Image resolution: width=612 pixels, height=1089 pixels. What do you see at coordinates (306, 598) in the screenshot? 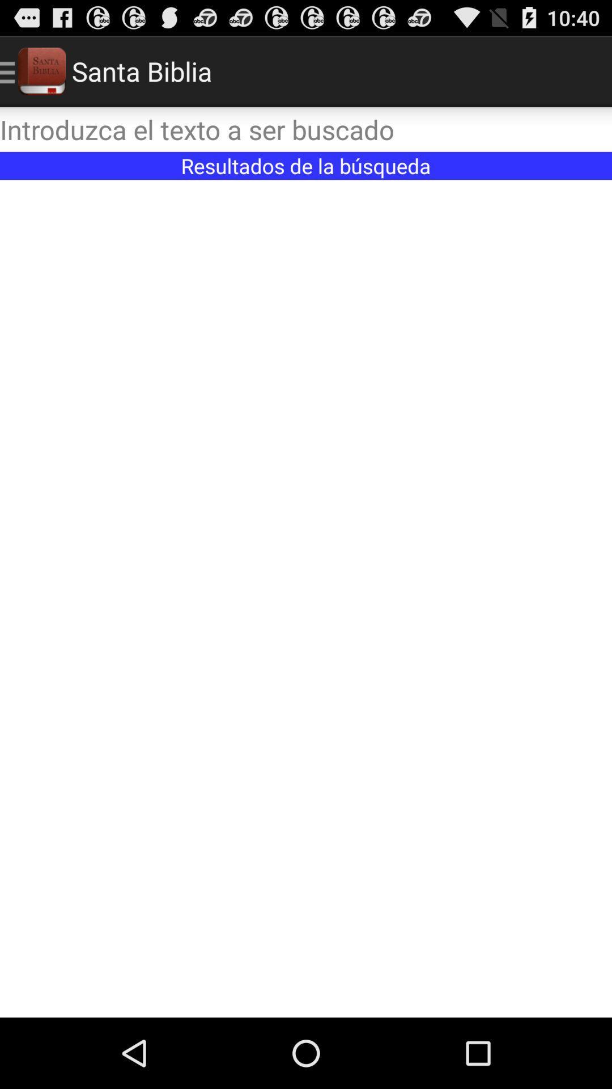
I see `the icon at the center` at bounding box center [306, 598].